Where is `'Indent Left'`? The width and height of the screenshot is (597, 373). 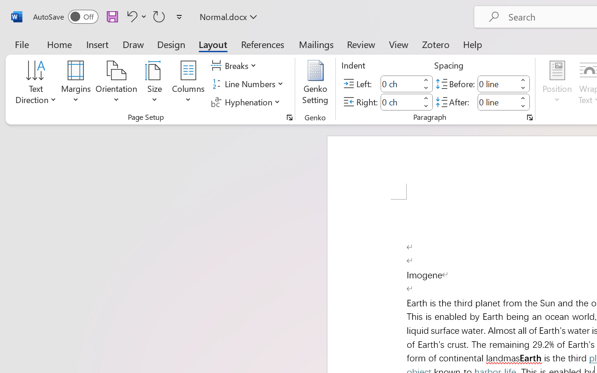 'Indent Left' is located at coordinates (400, 83).